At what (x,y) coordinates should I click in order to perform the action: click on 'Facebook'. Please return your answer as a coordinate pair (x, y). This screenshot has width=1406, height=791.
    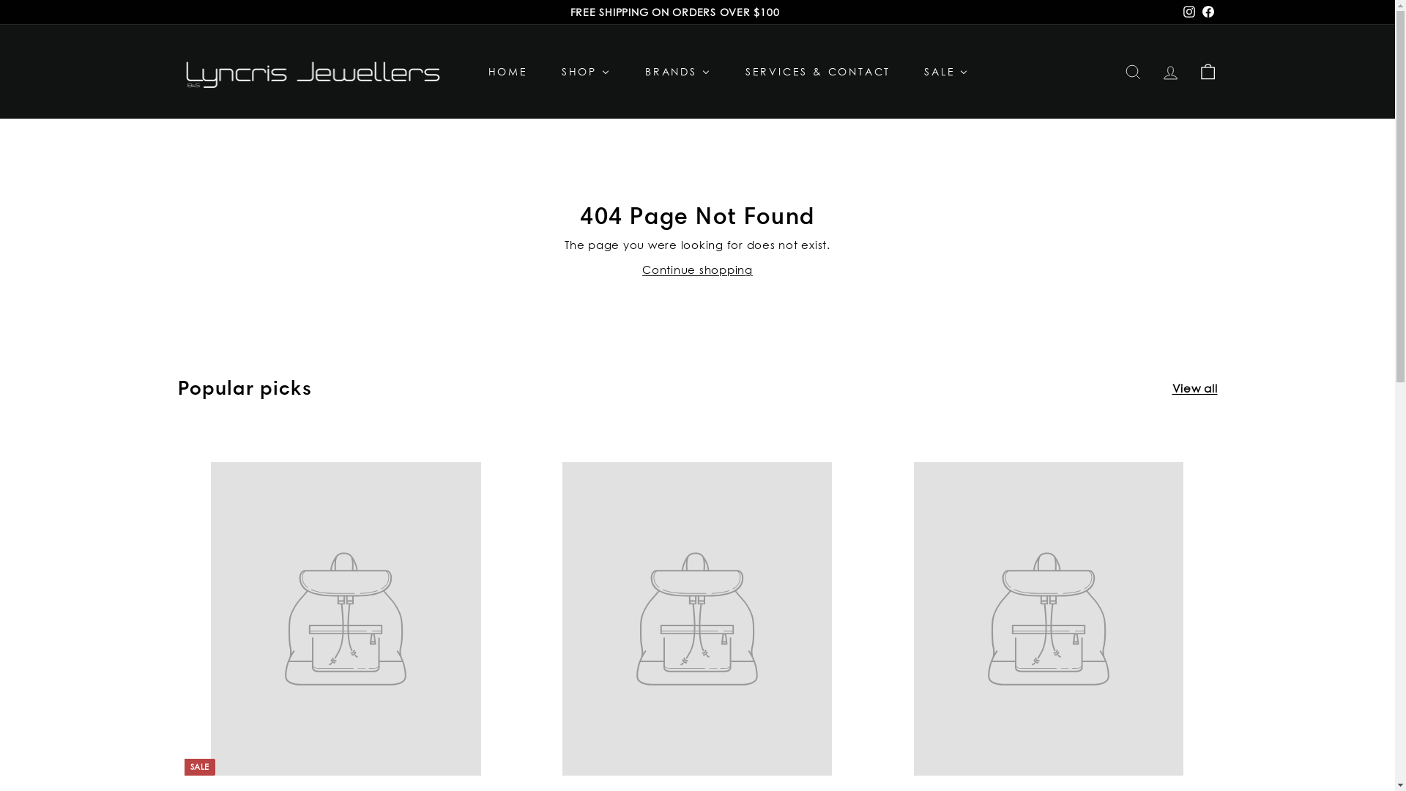
    Looking at the image, I should click on (1208, 12).